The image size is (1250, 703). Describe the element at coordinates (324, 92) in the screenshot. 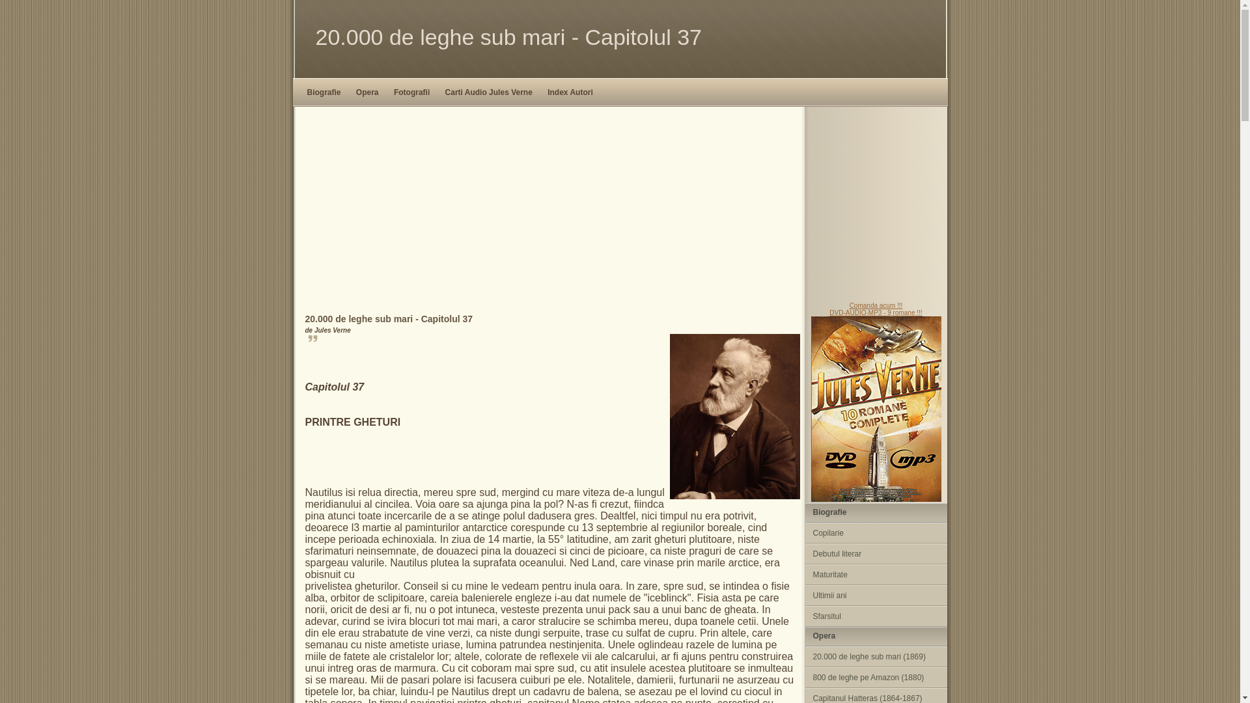

I see `'Biografie'` at that location.